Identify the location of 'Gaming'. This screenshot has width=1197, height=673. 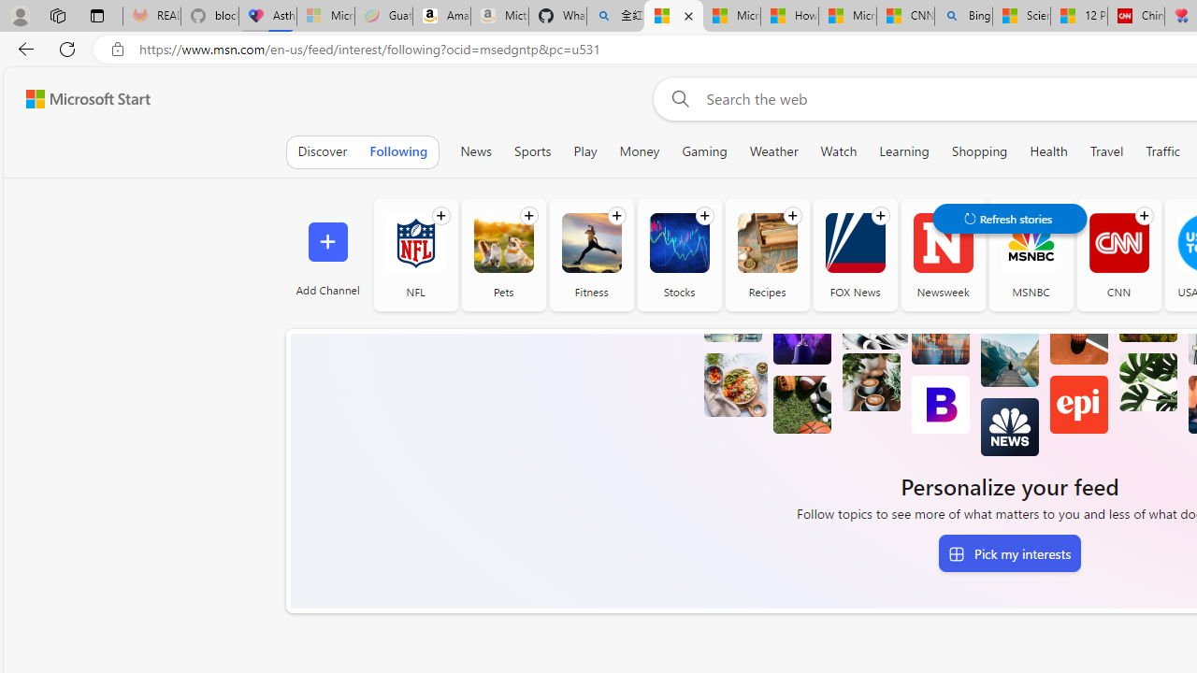
(703, 150).